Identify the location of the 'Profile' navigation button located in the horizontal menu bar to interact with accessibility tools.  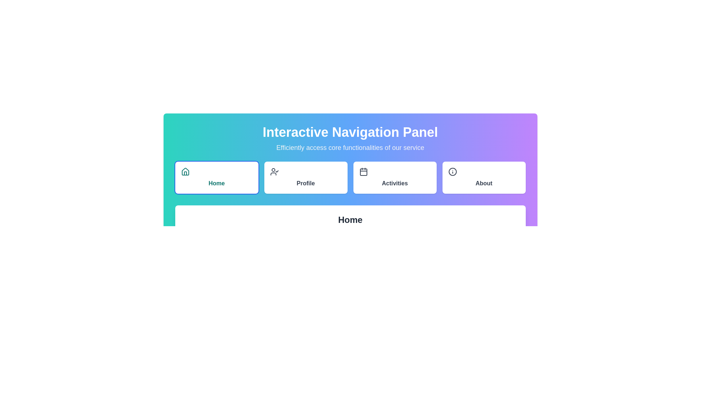
(306, 183).